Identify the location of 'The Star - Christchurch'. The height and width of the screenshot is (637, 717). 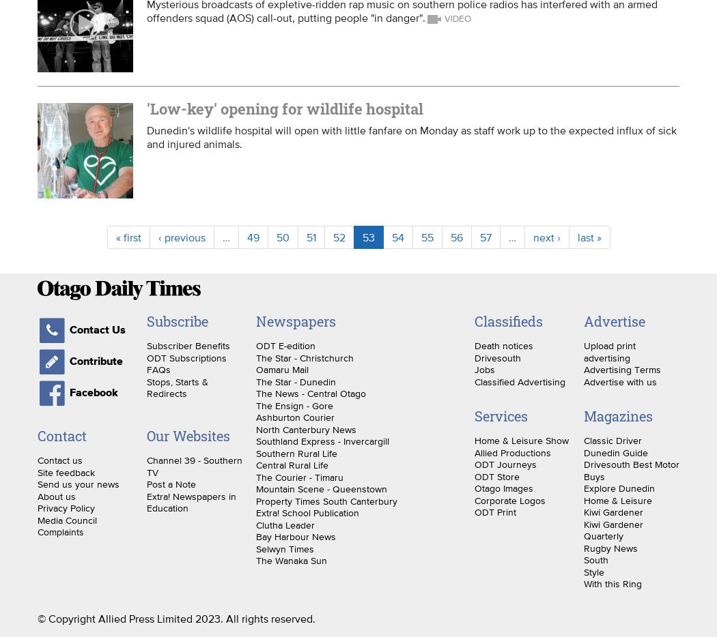
(255, 357).